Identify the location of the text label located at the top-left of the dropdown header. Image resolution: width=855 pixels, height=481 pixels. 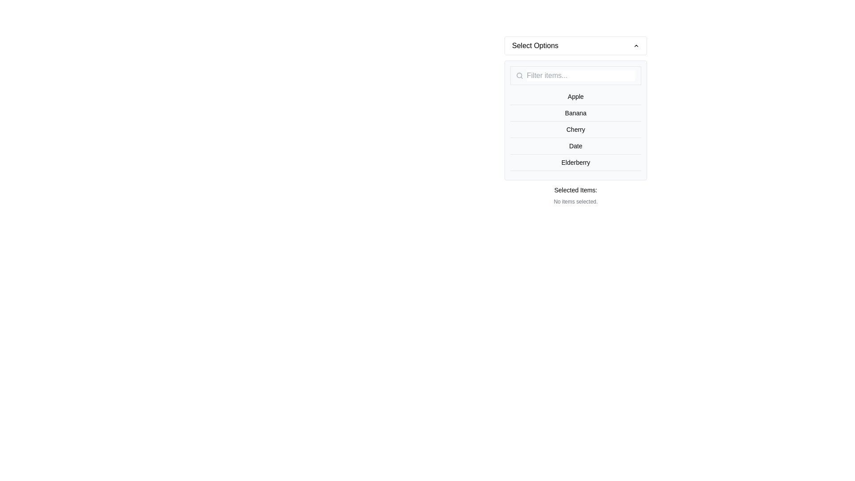
(535, 46).